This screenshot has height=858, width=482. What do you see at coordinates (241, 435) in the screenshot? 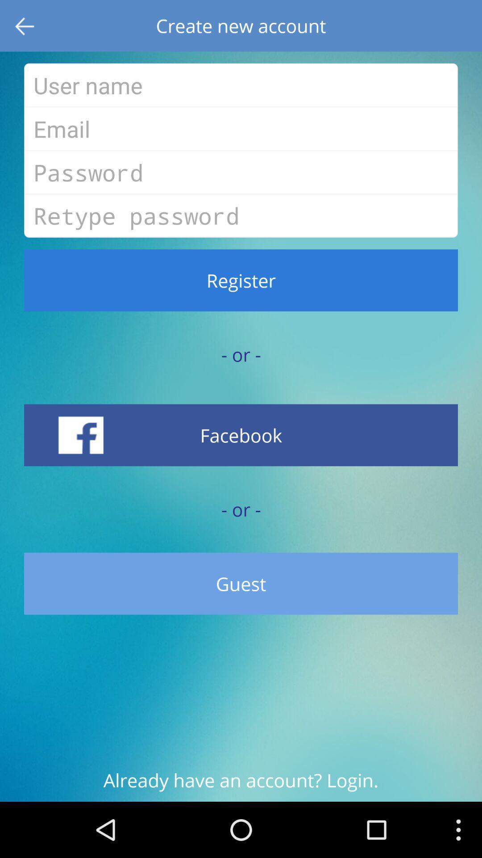
I see `the icon above the - or -` at bounding box center [241, 435].